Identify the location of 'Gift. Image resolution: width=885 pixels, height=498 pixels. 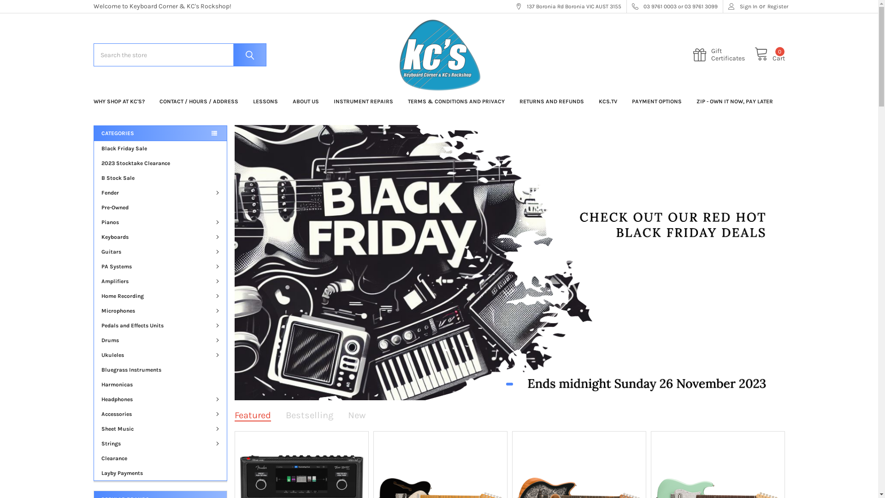
(723, 55).